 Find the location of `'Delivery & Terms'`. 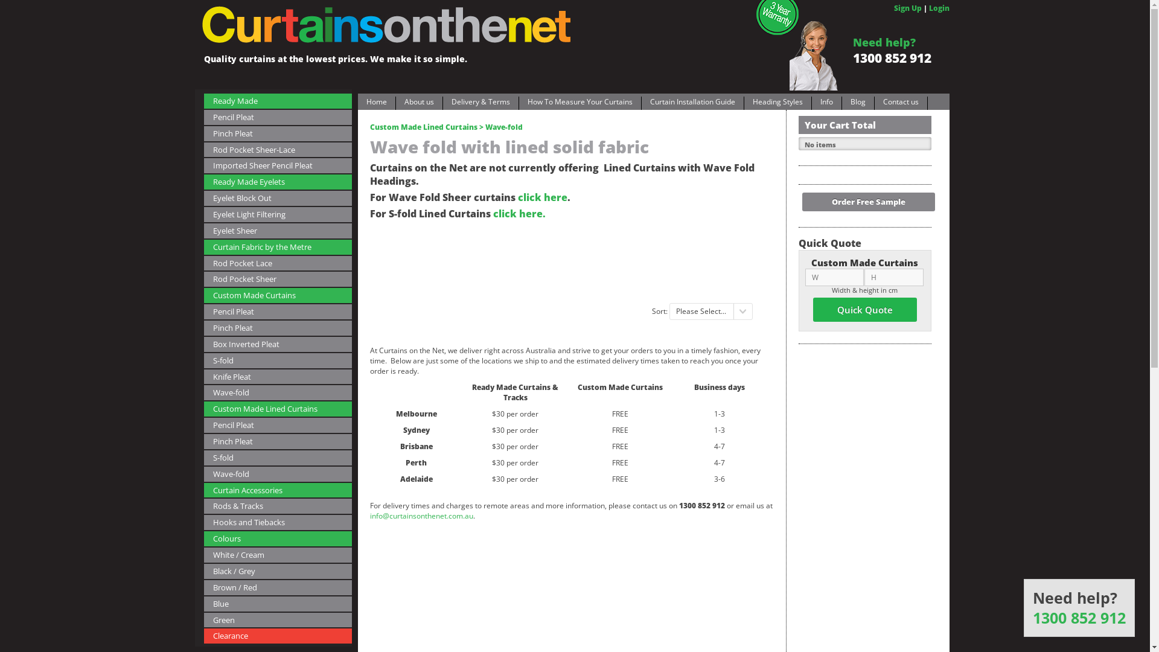

'Delivery & Terms' is located at coordinates (480, 102).